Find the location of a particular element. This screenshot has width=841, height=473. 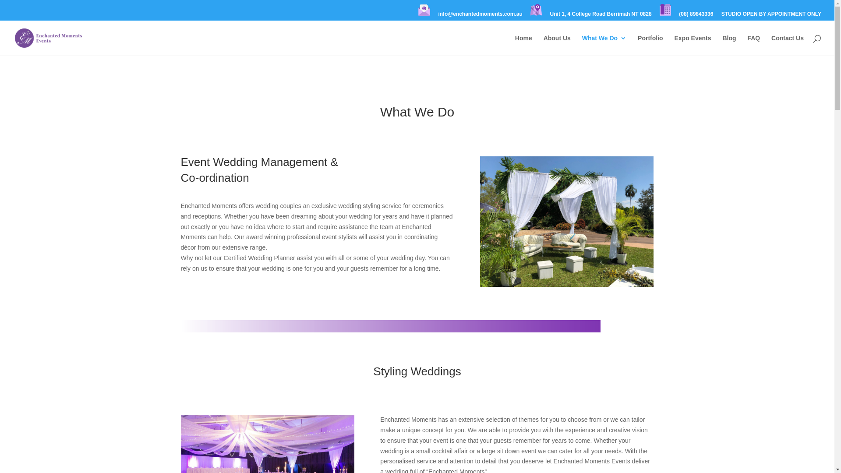

'info@enchantedmoments.com.au' is located at coordinates (479, 16).